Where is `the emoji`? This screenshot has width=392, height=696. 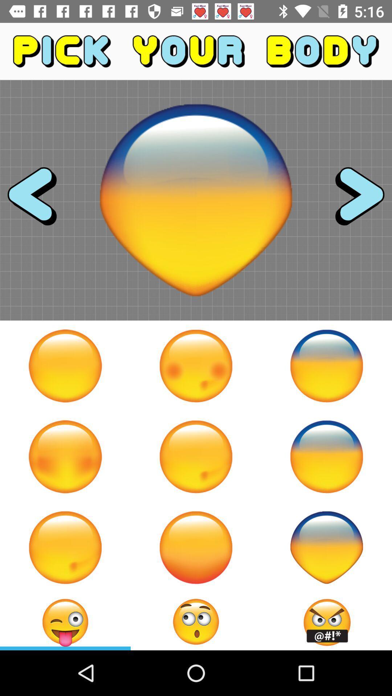
the emoji is located at coordinates (326, 547).